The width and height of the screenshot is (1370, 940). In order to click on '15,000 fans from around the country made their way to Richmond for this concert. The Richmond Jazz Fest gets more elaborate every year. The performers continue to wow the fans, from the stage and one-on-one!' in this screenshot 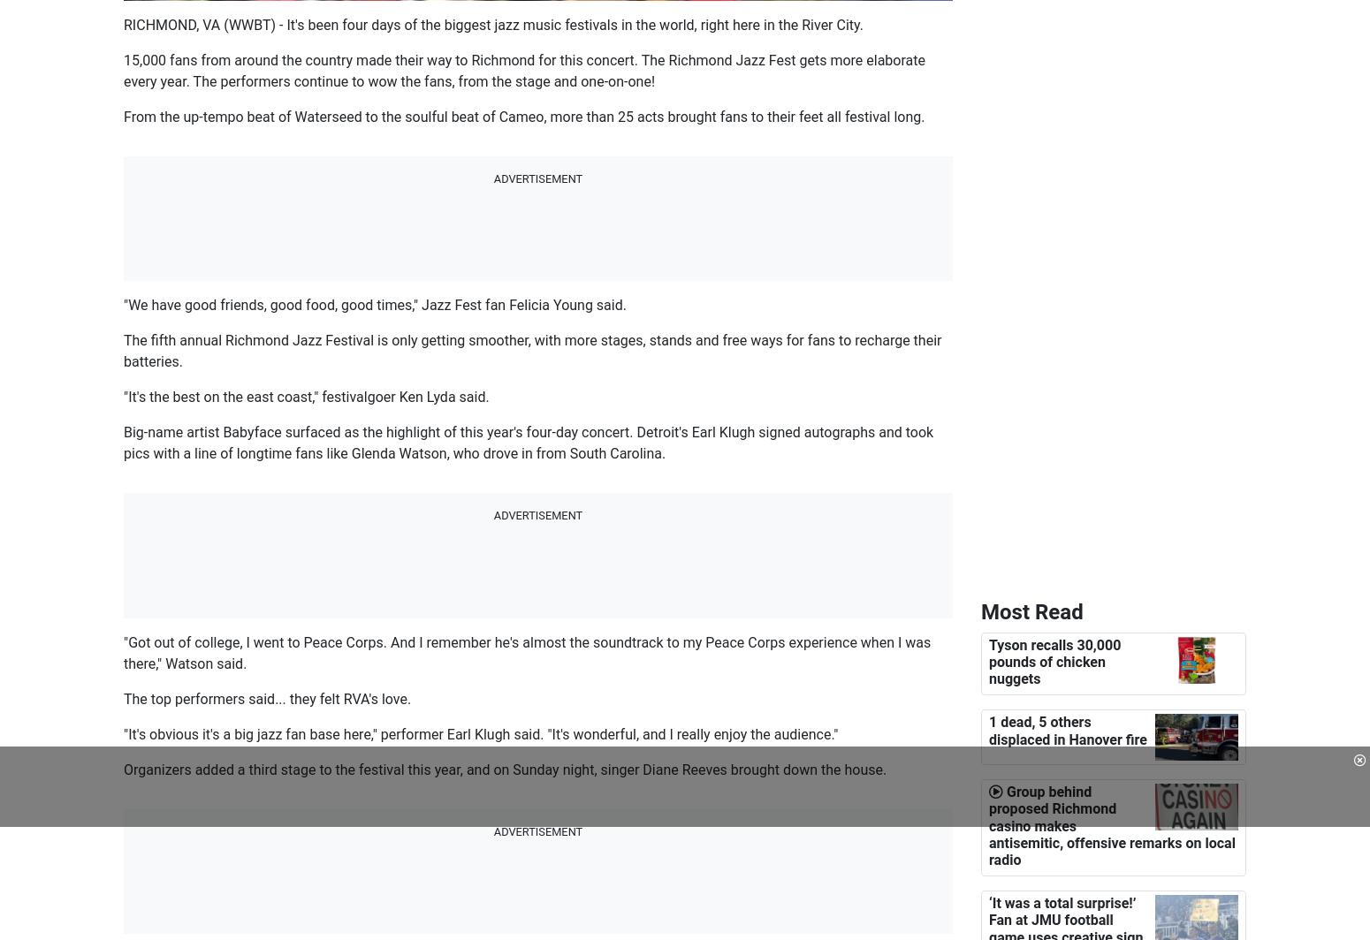, I will do `click(123, 71)`.